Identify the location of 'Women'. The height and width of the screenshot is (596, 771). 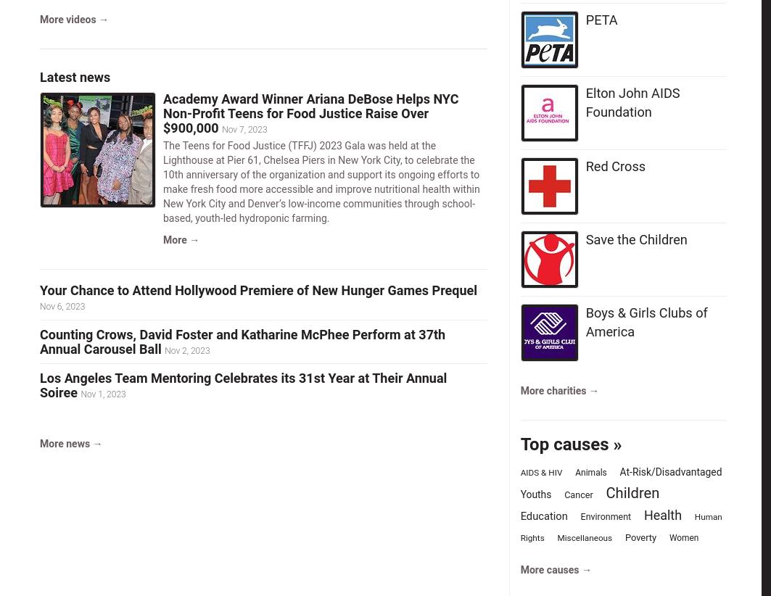
(683, 537).